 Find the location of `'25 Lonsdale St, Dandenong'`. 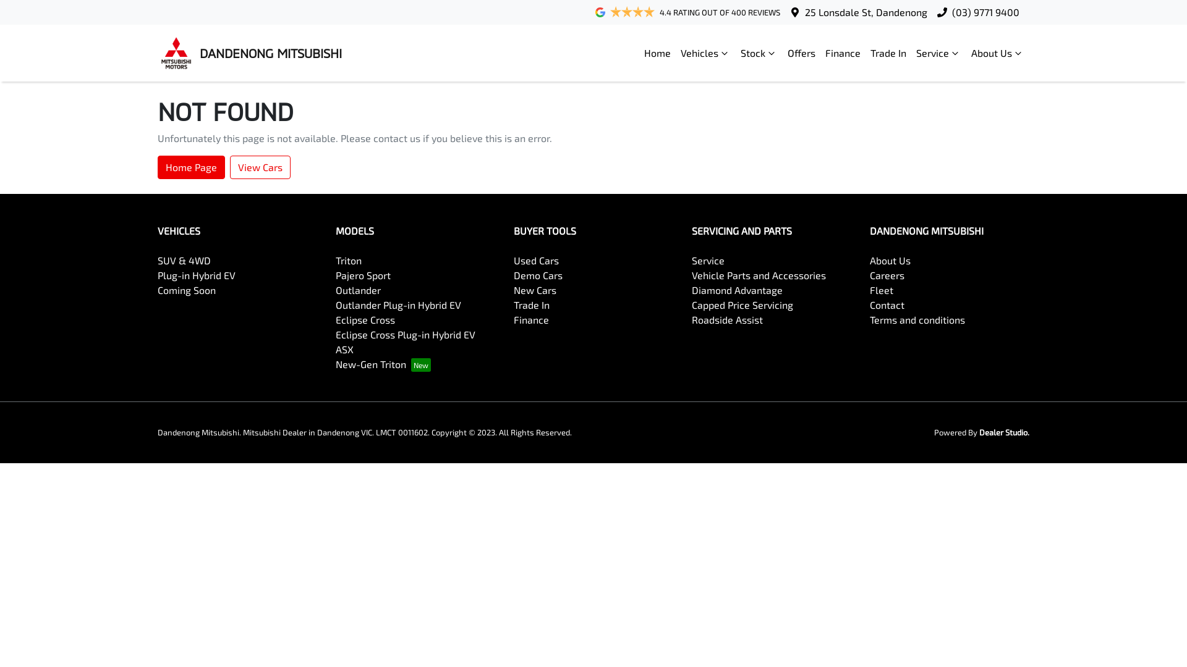

'25 Lonsdale St, Dandenong' is located at coordinates (804, 12).